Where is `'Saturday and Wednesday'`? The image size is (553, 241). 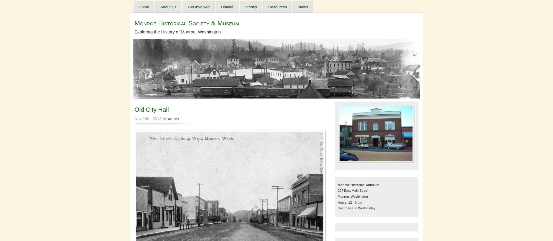
'Saturday and Wednesday' is located at coordinates (356, 208).